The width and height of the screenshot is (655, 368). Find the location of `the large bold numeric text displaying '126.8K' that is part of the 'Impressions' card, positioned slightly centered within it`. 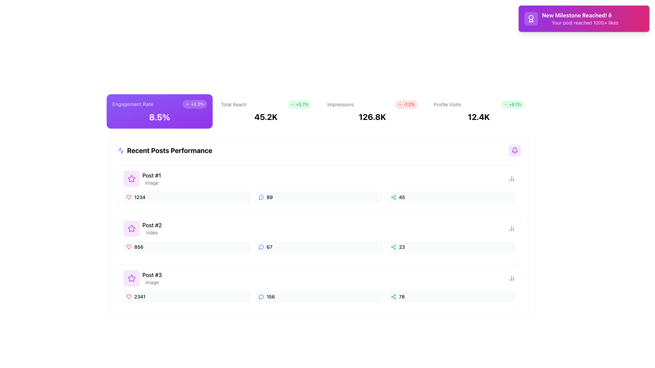

the large bold numeric text displaying '126.8K' that is part of the 'Impressions' card, positioned slightly centered within it is located at coordinates (372, 117).